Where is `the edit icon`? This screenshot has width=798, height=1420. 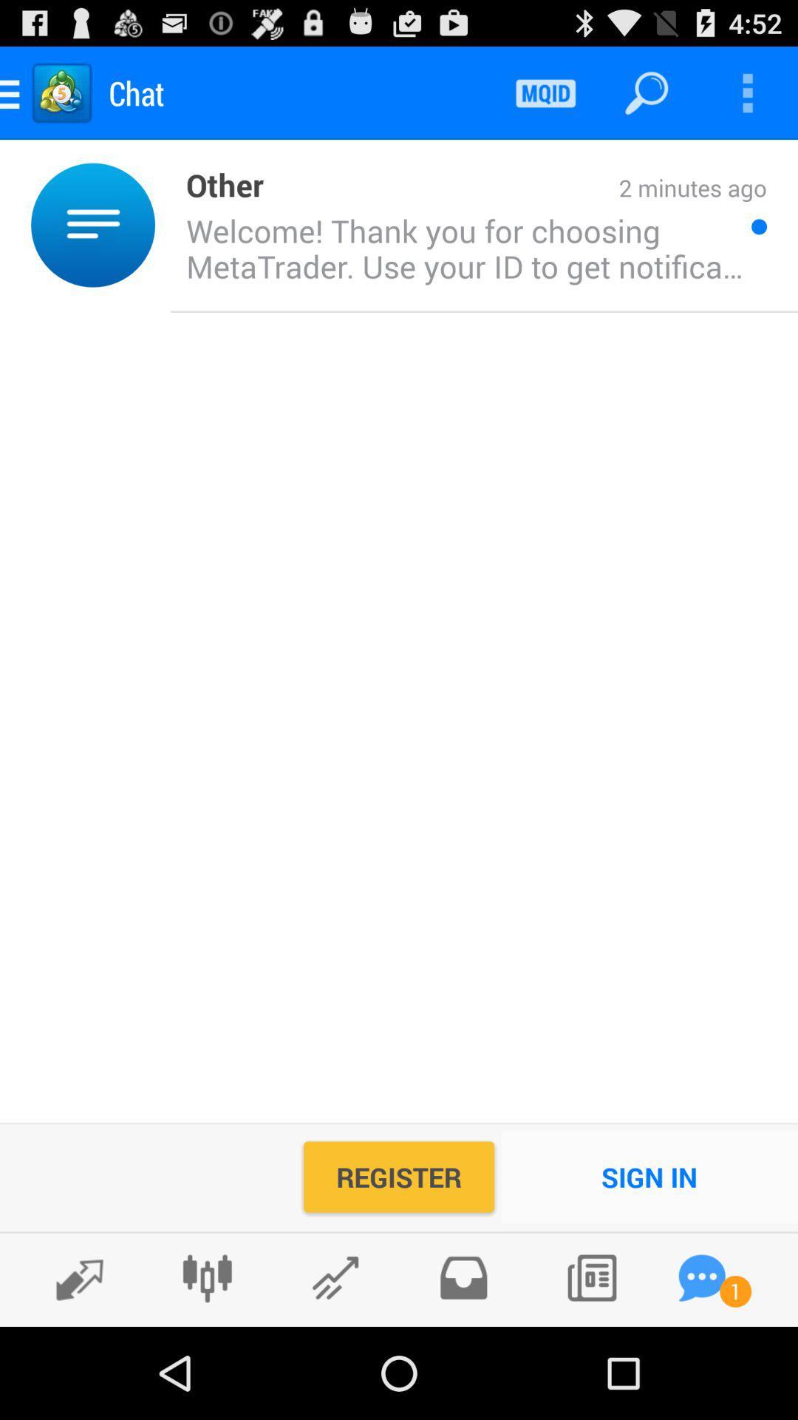
the edit icon is located at coordinates (335, 1367).